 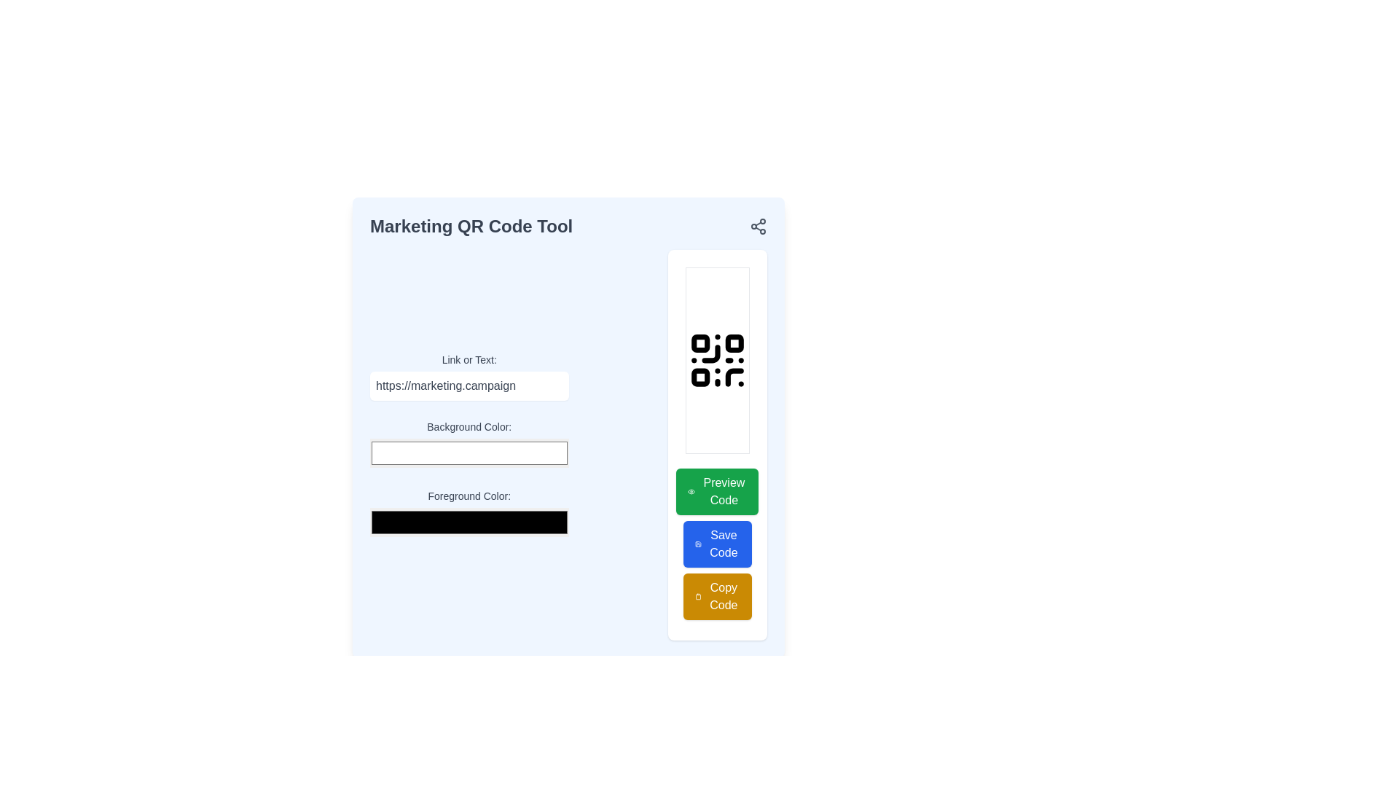 I want to click on the second button in the vertical sequence, which is positioned below the 'Preview Code' button and above the 'Copy Code' button, so click(x=717, y=544).